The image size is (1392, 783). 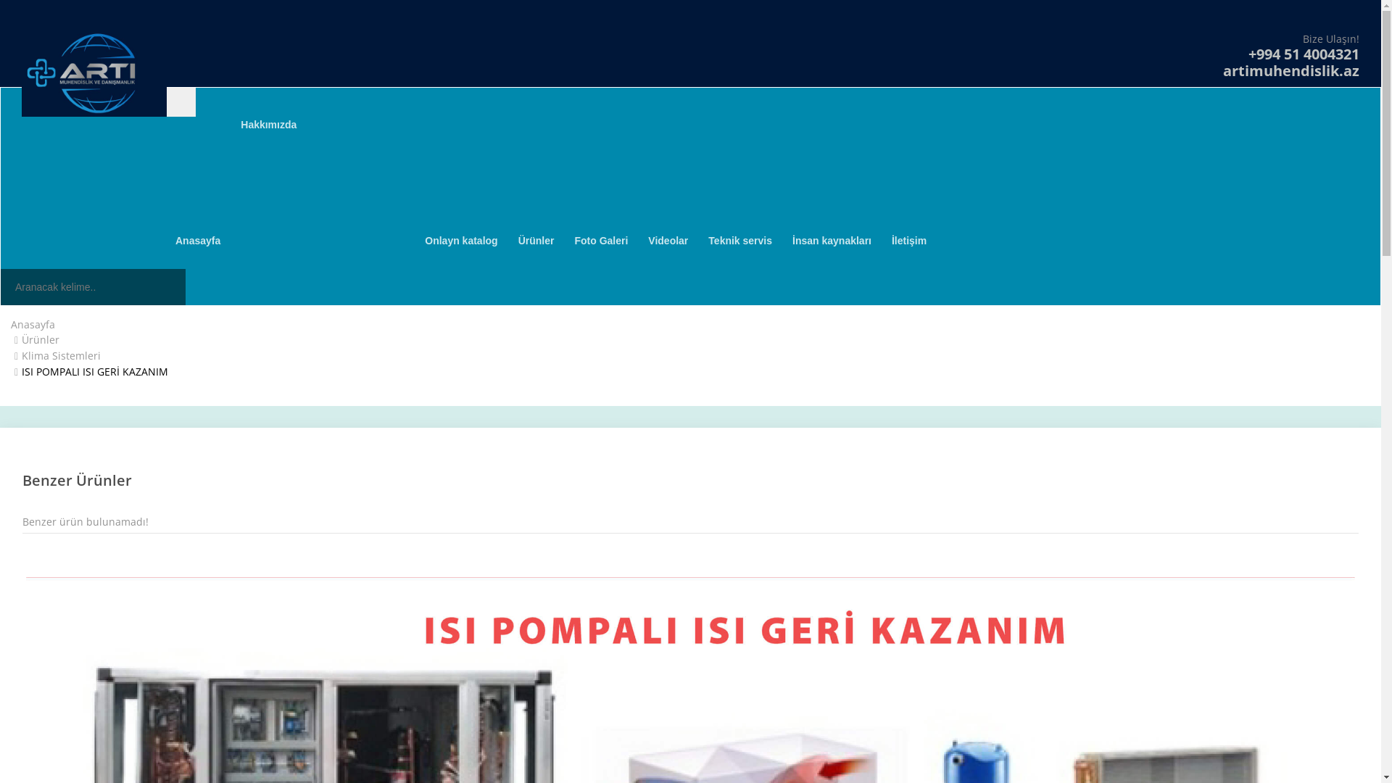 I want to click on 'Teknik servis', so click(x=740, y=239).